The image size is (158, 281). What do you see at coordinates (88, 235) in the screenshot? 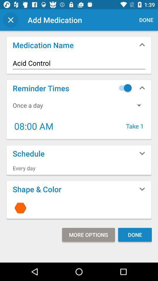
I see `the icon below the   icon` at bounding box center [88, 235].